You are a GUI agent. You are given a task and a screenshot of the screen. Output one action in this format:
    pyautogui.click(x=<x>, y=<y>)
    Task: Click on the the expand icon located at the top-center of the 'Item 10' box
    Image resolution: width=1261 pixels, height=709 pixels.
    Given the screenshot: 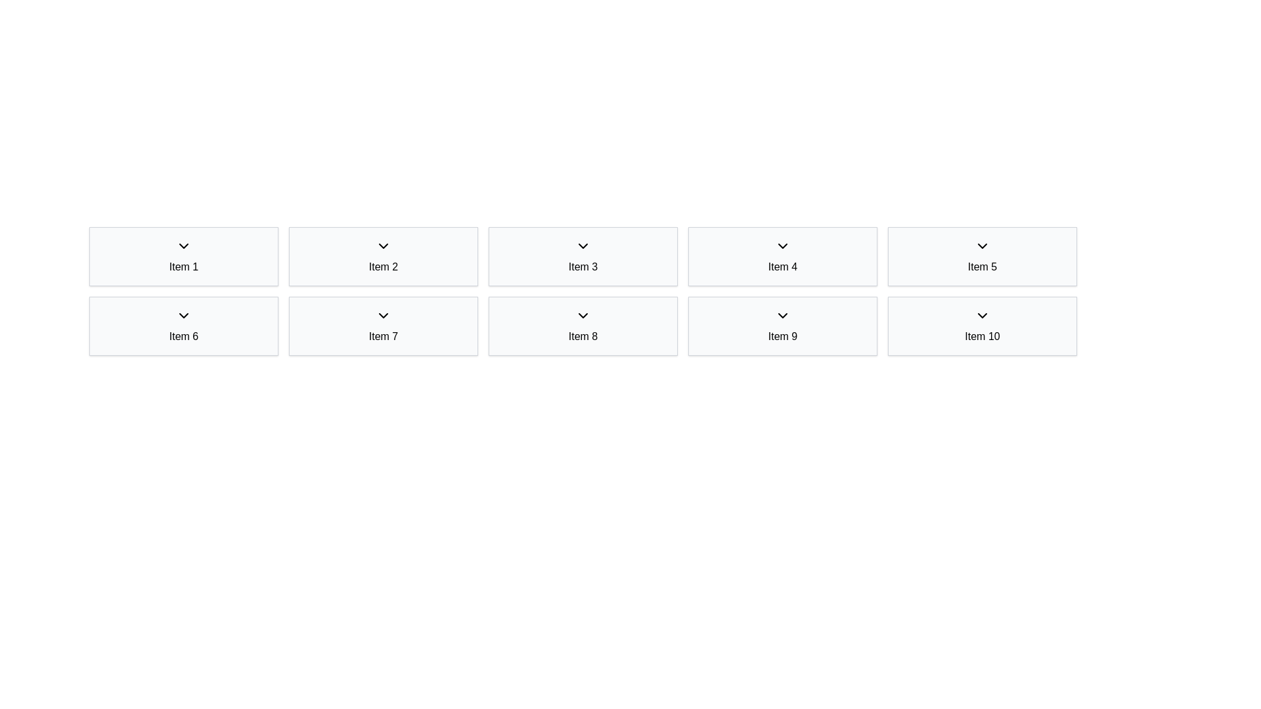 What is the action you would take?
    pyautogui.click(x=983, y=316)
    